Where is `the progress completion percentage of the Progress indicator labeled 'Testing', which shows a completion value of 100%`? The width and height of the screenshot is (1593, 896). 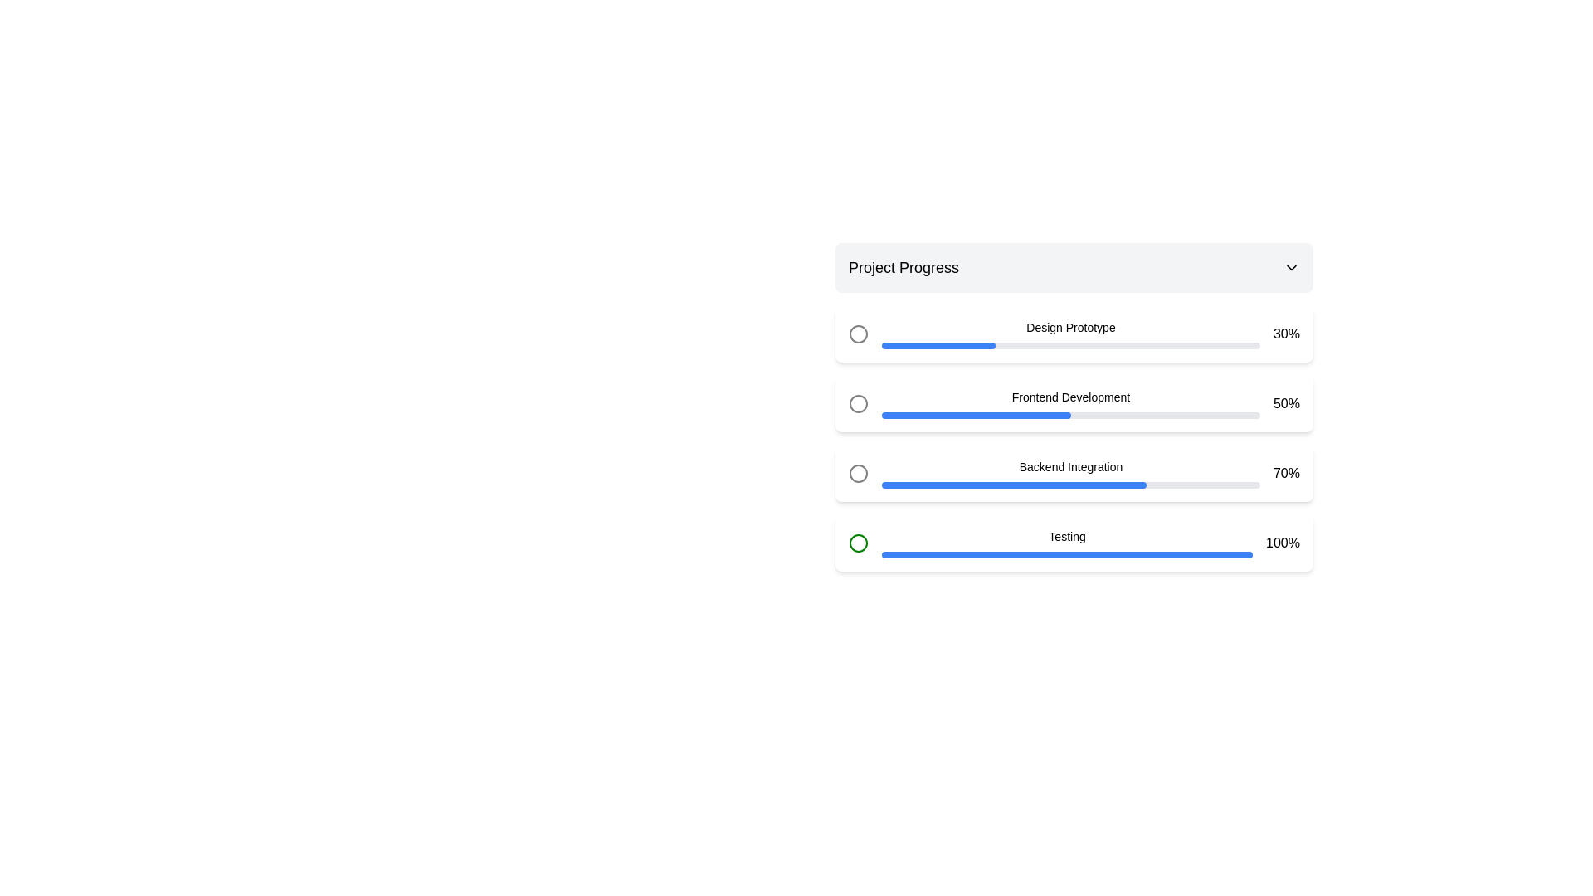
the progress completion percentage of the Progress indicator labeled 'Testing', which shows a completion value of 100% is located at coordinates (1074, 543).